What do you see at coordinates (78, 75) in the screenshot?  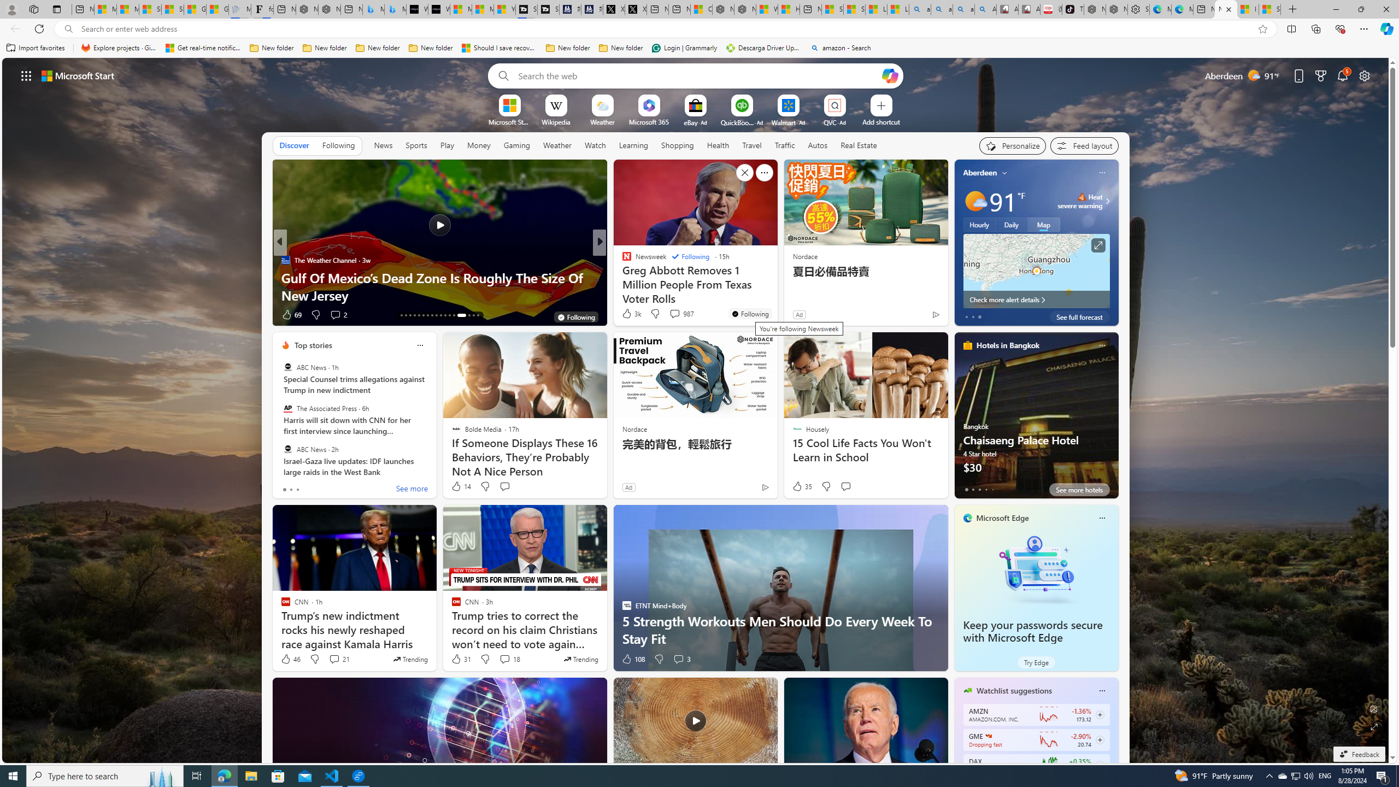 I see `'Microsoft start'` at bounding box center [78, 75].